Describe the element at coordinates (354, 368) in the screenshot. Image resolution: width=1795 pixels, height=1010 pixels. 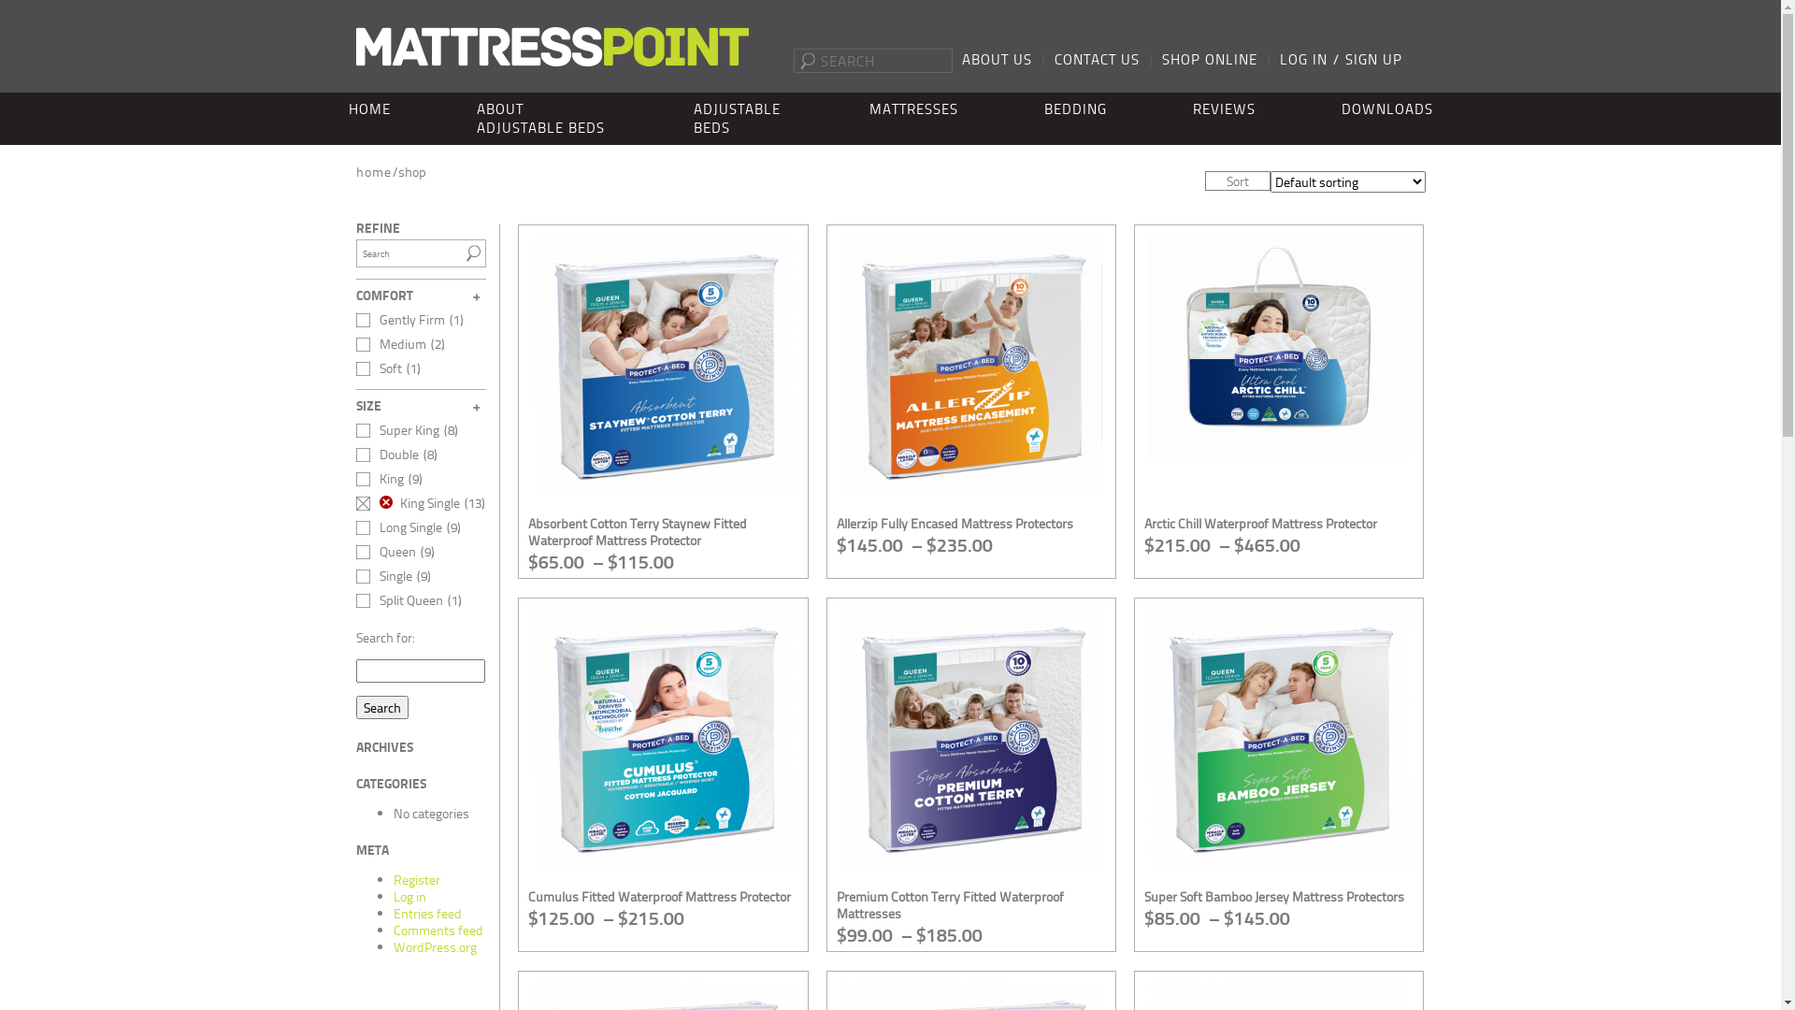
I see `'Soft'` at that location.